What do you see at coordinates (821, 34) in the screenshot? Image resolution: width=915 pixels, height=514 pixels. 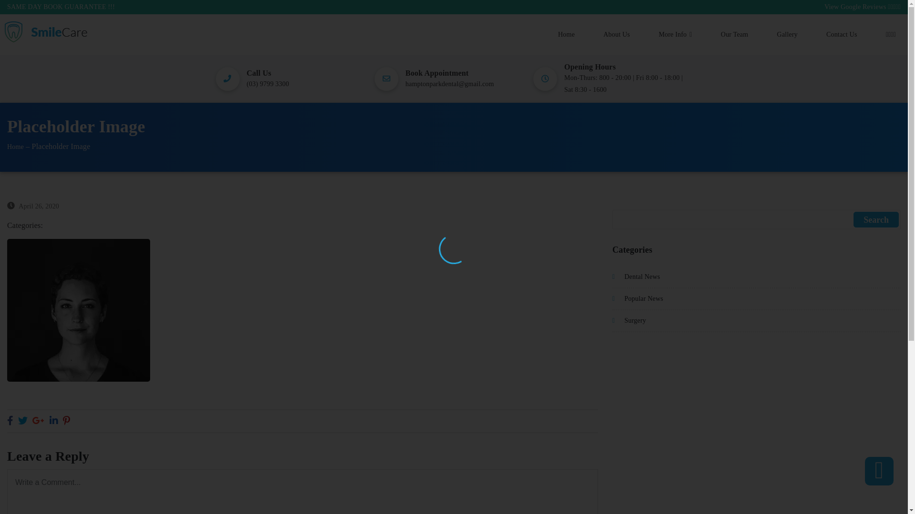 I see `'Contact Us'` at bounding box center [821, 34].